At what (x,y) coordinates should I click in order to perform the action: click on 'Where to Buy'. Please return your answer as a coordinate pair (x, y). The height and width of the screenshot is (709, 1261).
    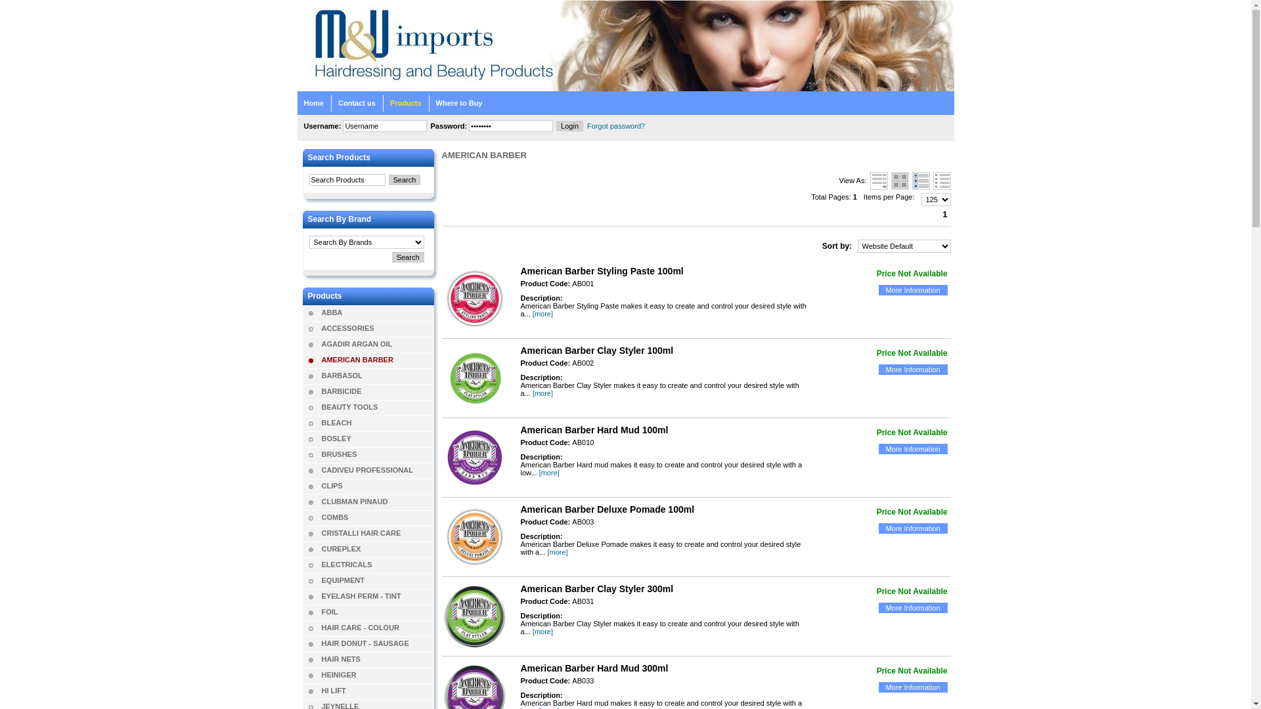
    Looking at the image, I should click on (459, 102).